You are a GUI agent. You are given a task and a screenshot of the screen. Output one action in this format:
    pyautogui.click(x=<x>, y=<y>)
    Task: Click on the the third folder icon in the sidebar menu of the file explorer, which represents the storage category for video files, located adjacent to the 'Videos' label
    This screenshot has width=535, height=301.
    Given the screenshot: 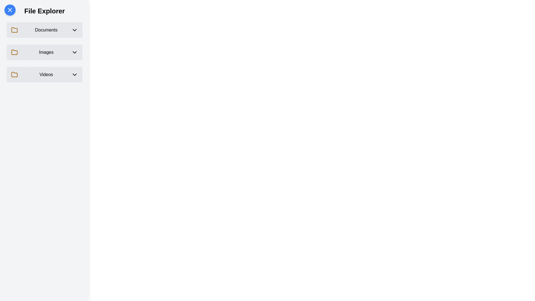 What is the action you would take?
    pyautogui.click(x=14, y=74)
    